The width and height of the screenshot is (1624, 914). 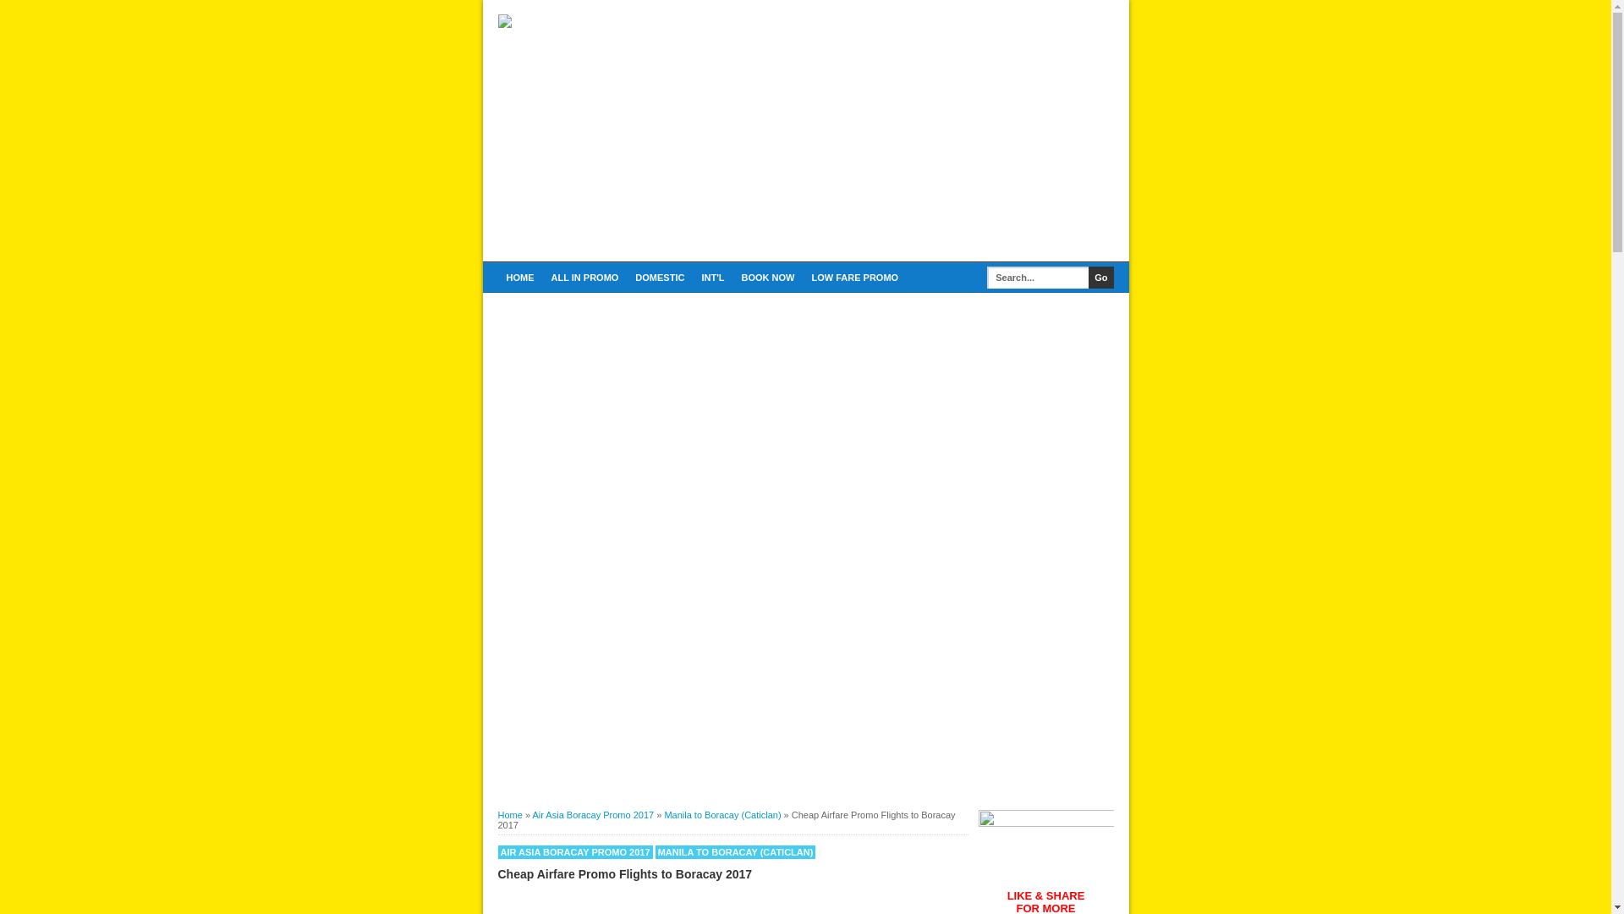 What do you see at coordinates (722, 814) in the screenshot?
I see `'Manila to Boracay (Caticlan)'` at bounding box center [722, 814].